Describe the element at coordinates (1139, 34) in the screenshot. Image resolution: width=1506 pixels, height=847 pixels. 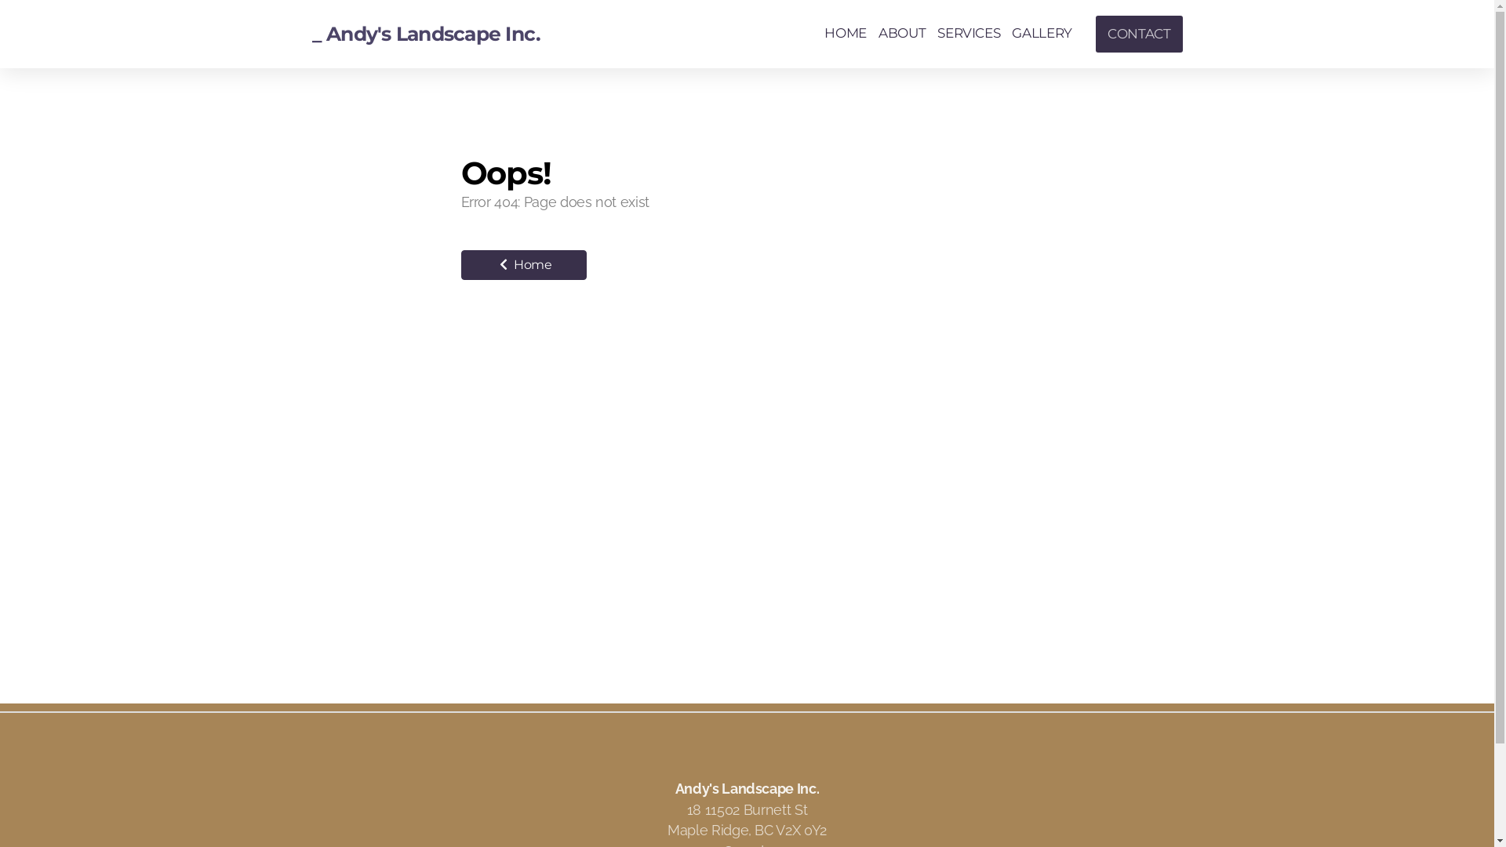
I see `'CONTACT'` at that location.